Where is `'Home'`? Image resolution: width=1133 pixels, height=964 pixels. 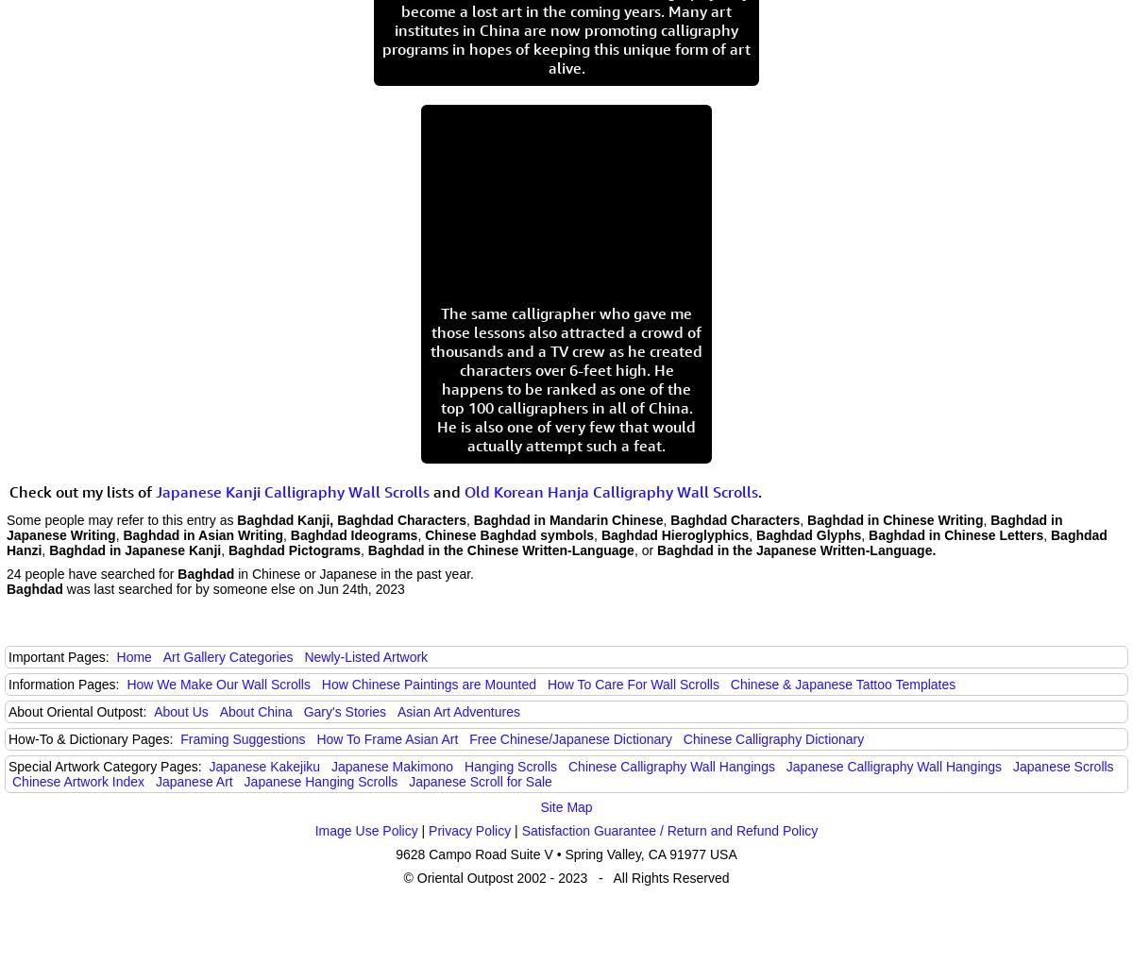
'Home' is located at coordinates (115, 657).